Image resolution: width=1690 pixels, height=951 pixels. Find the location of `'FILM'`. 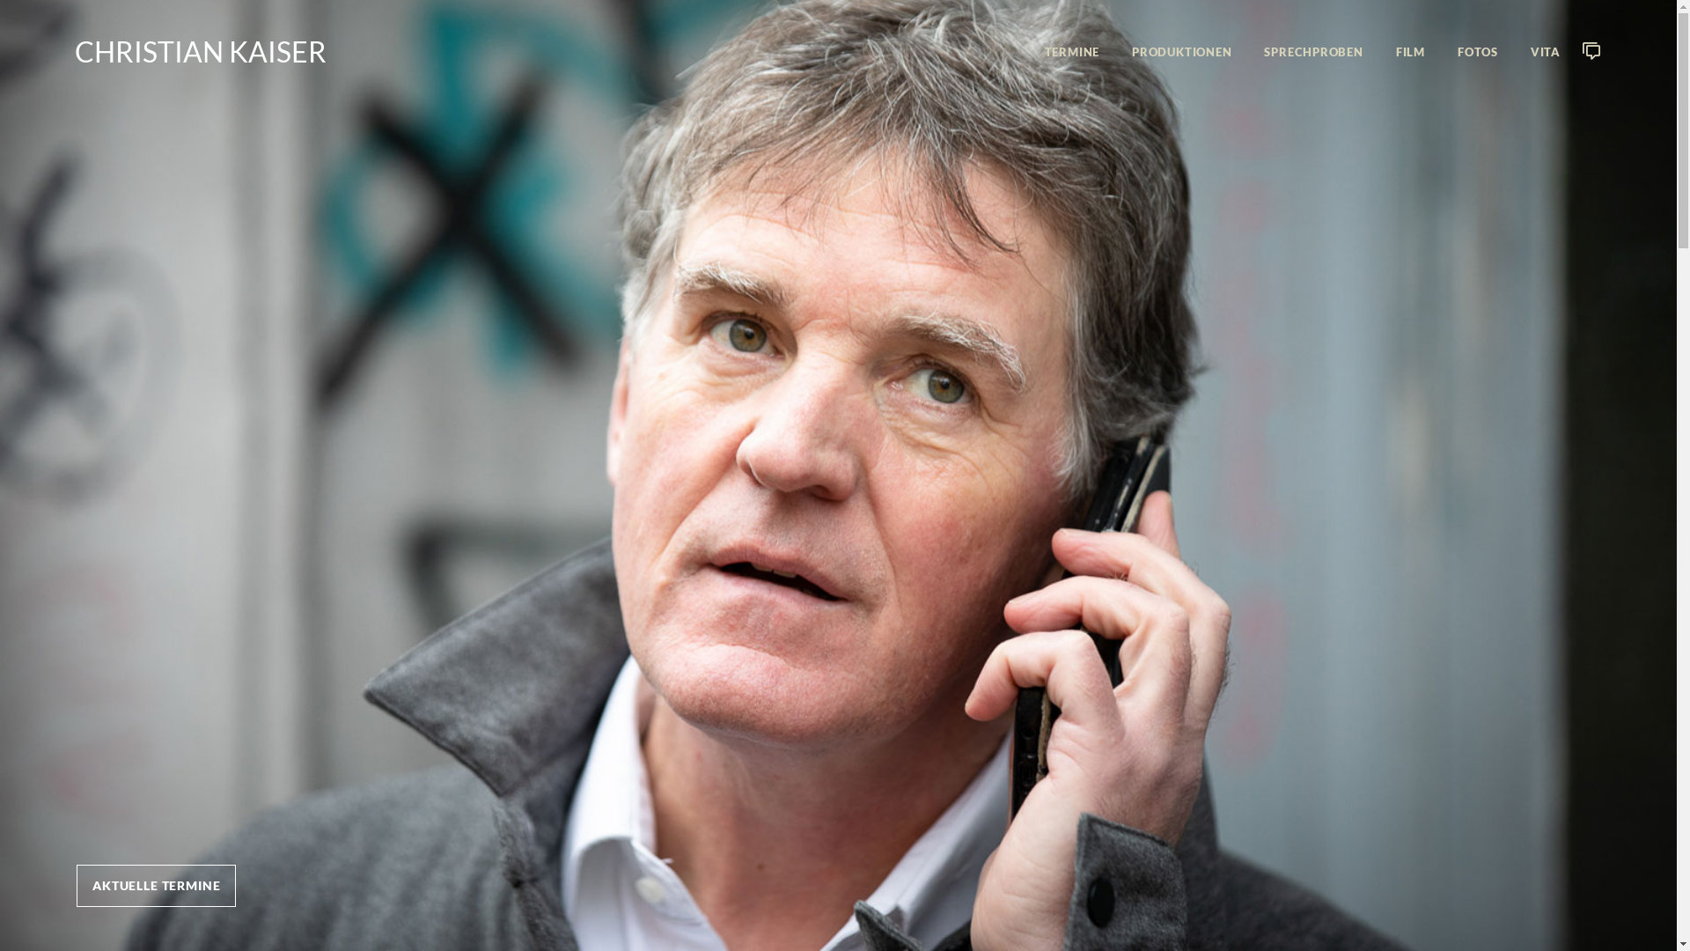

'FILM' is located at coordinates (1410, 51).